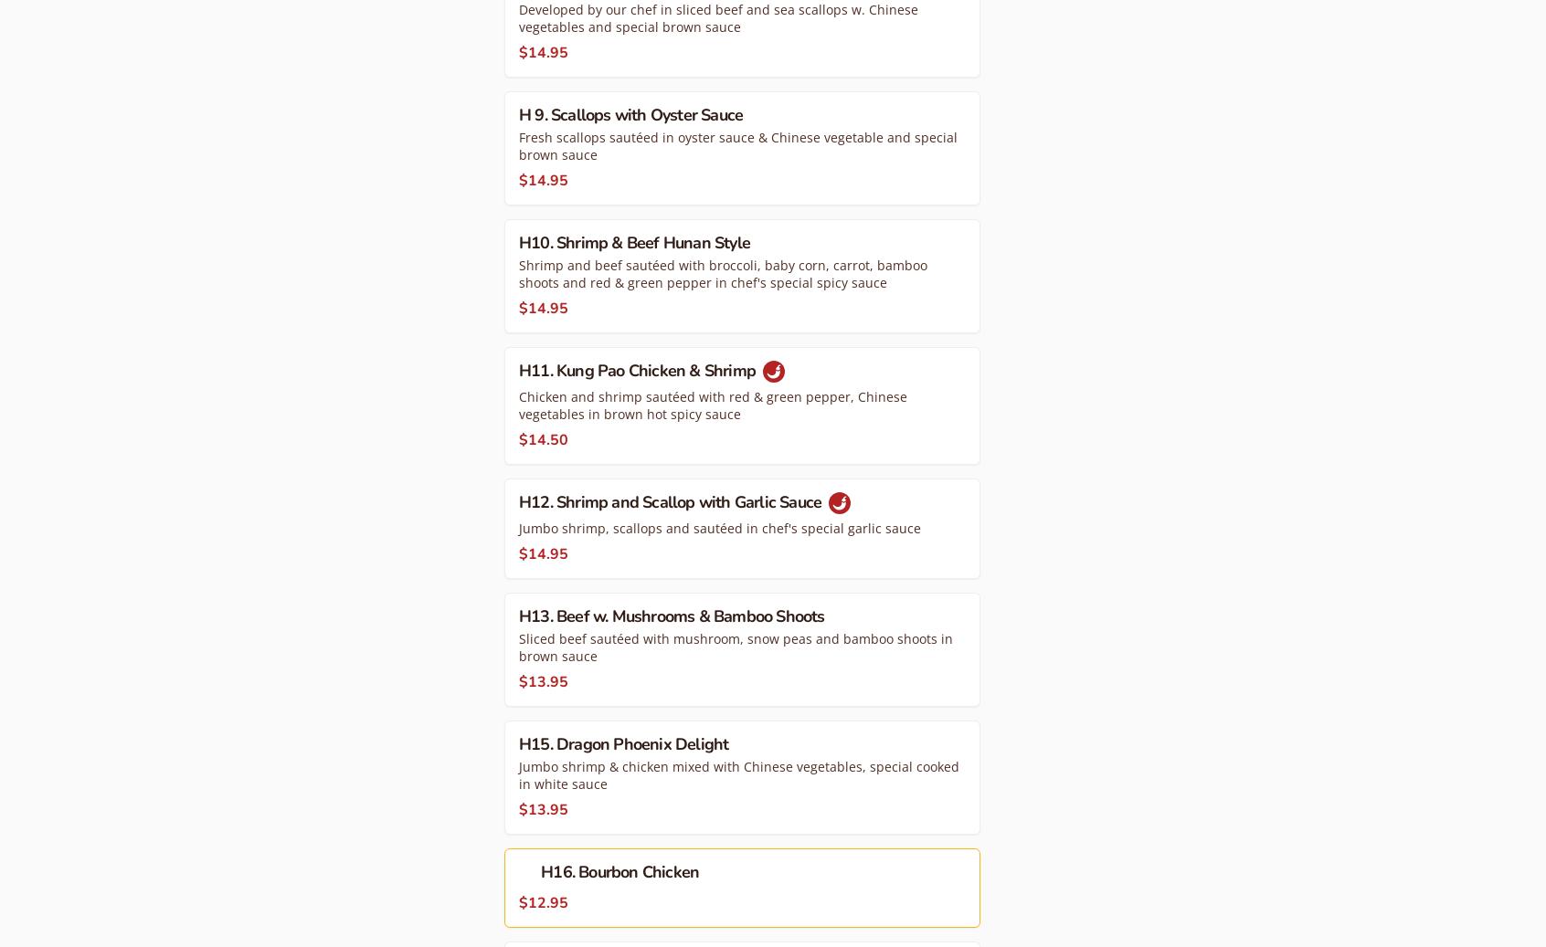 Image resolution: width=1546 pixels, height=947 pixels. Describe the element at coordinates (671, 500) in the screenshot. I see `'H12. Shrimp and Scallop with Garlic Sauce'` at that location.